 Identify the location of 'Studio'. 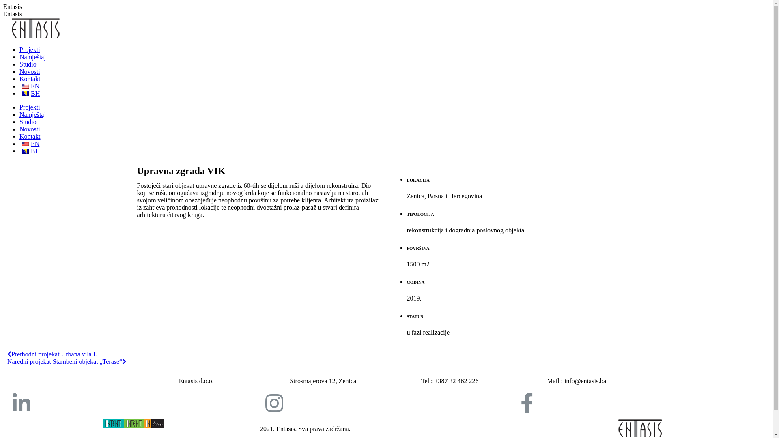
(19, 122).